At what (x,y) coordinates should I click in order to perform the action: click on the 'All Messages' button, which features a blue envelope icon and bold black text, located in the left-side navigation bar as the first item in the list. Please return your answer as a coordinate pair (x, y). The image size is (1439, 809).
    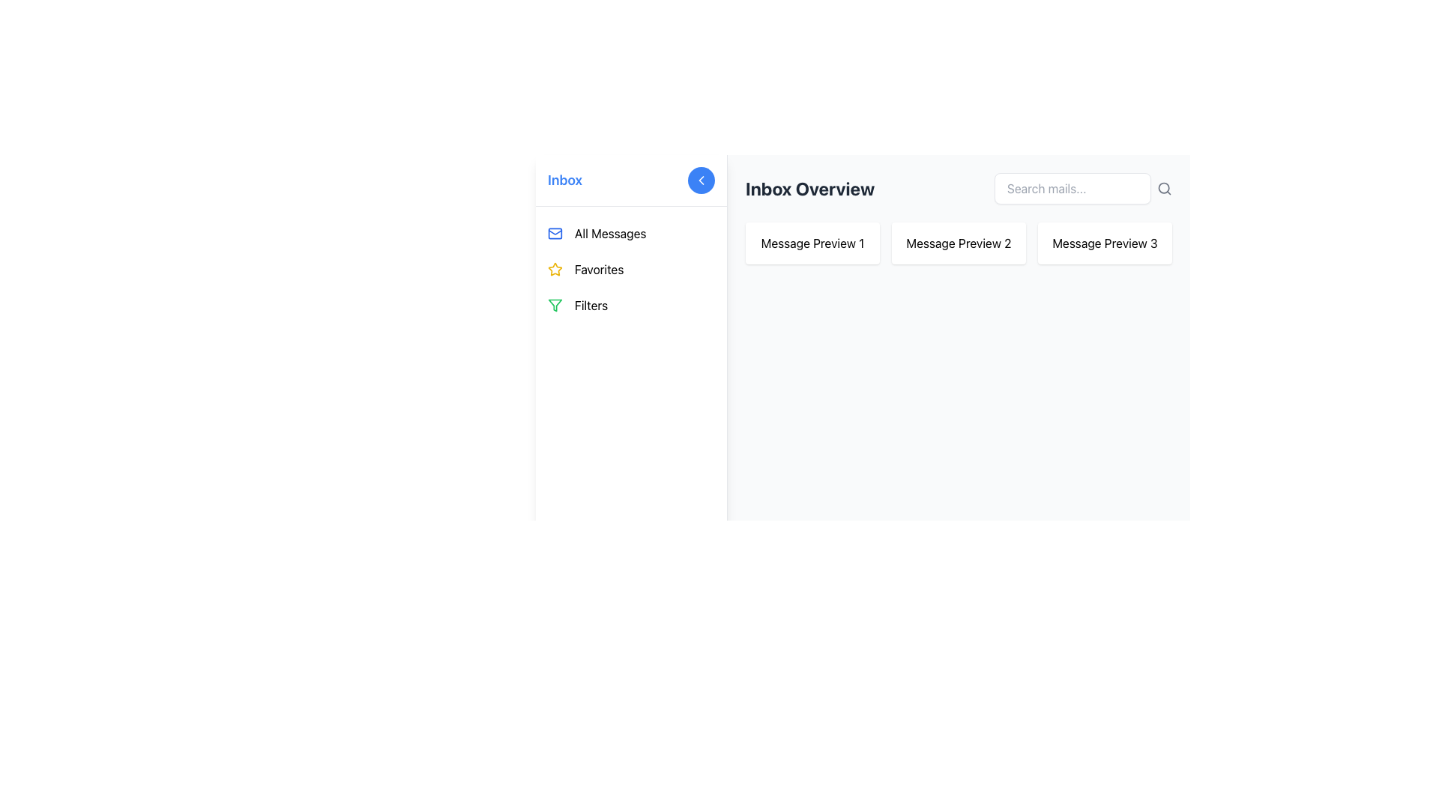
    Looking at the image, I should click on (631, 234).